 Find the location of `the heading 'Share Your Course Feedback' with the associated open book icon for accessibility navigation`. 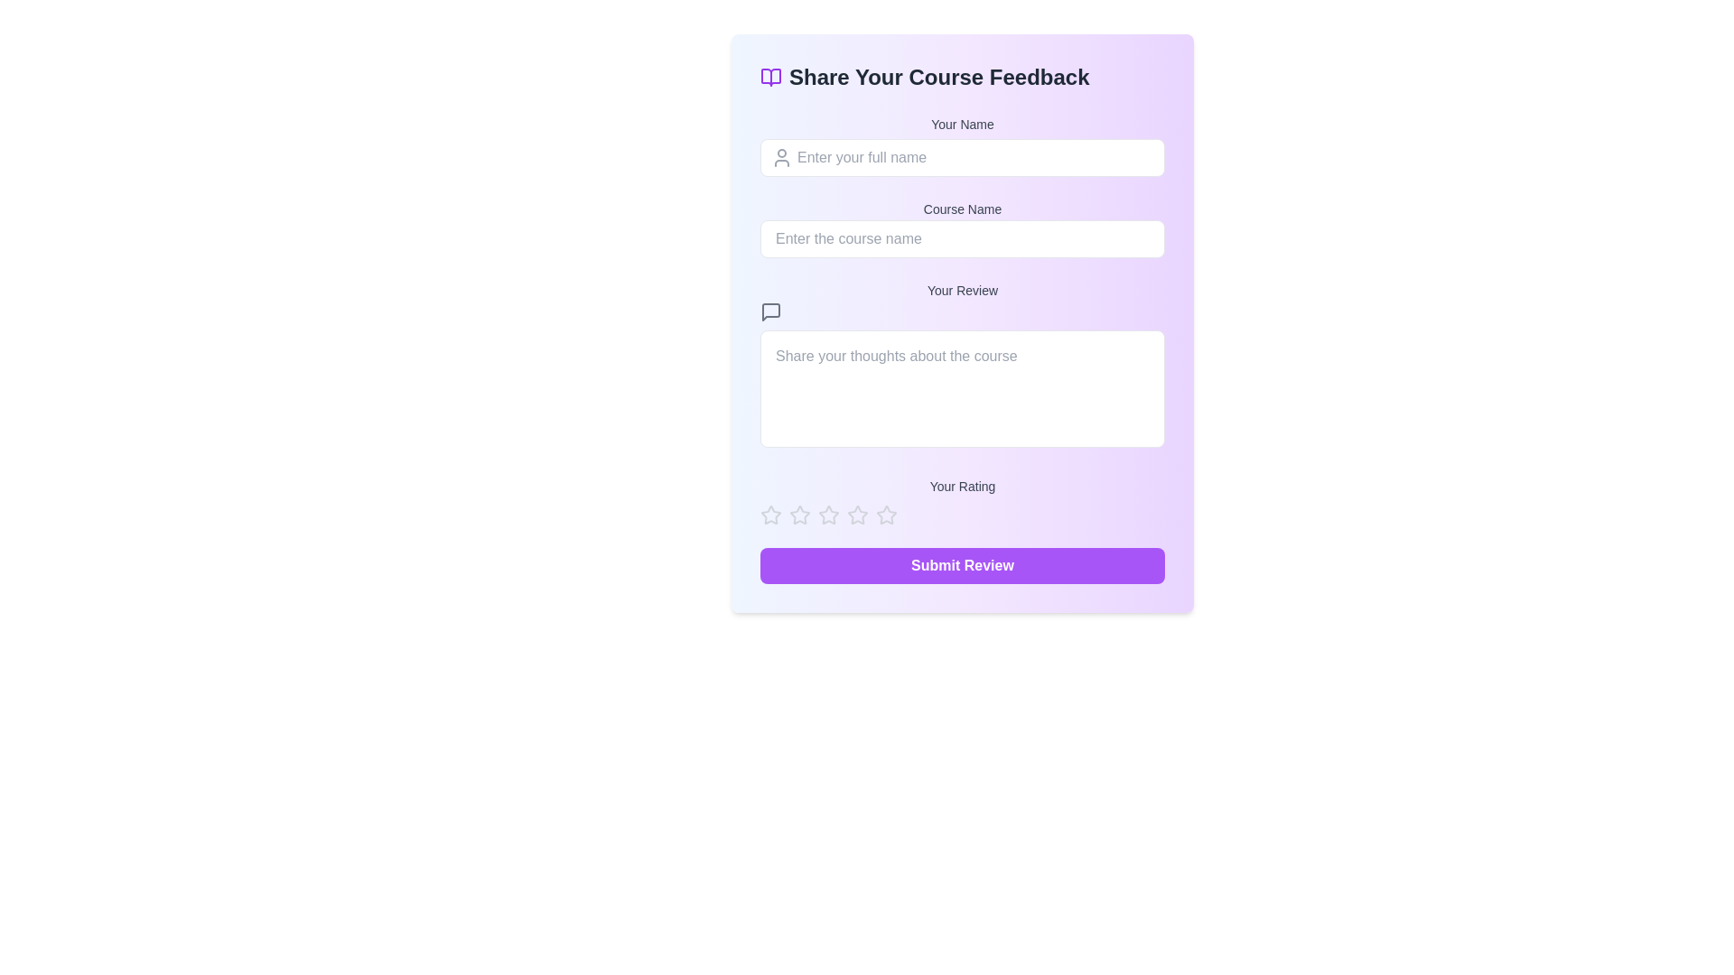

the heading 'Share Your Course Feedback' with the associated open book icon for accessibility navigation is located at coordinates (961, 76).